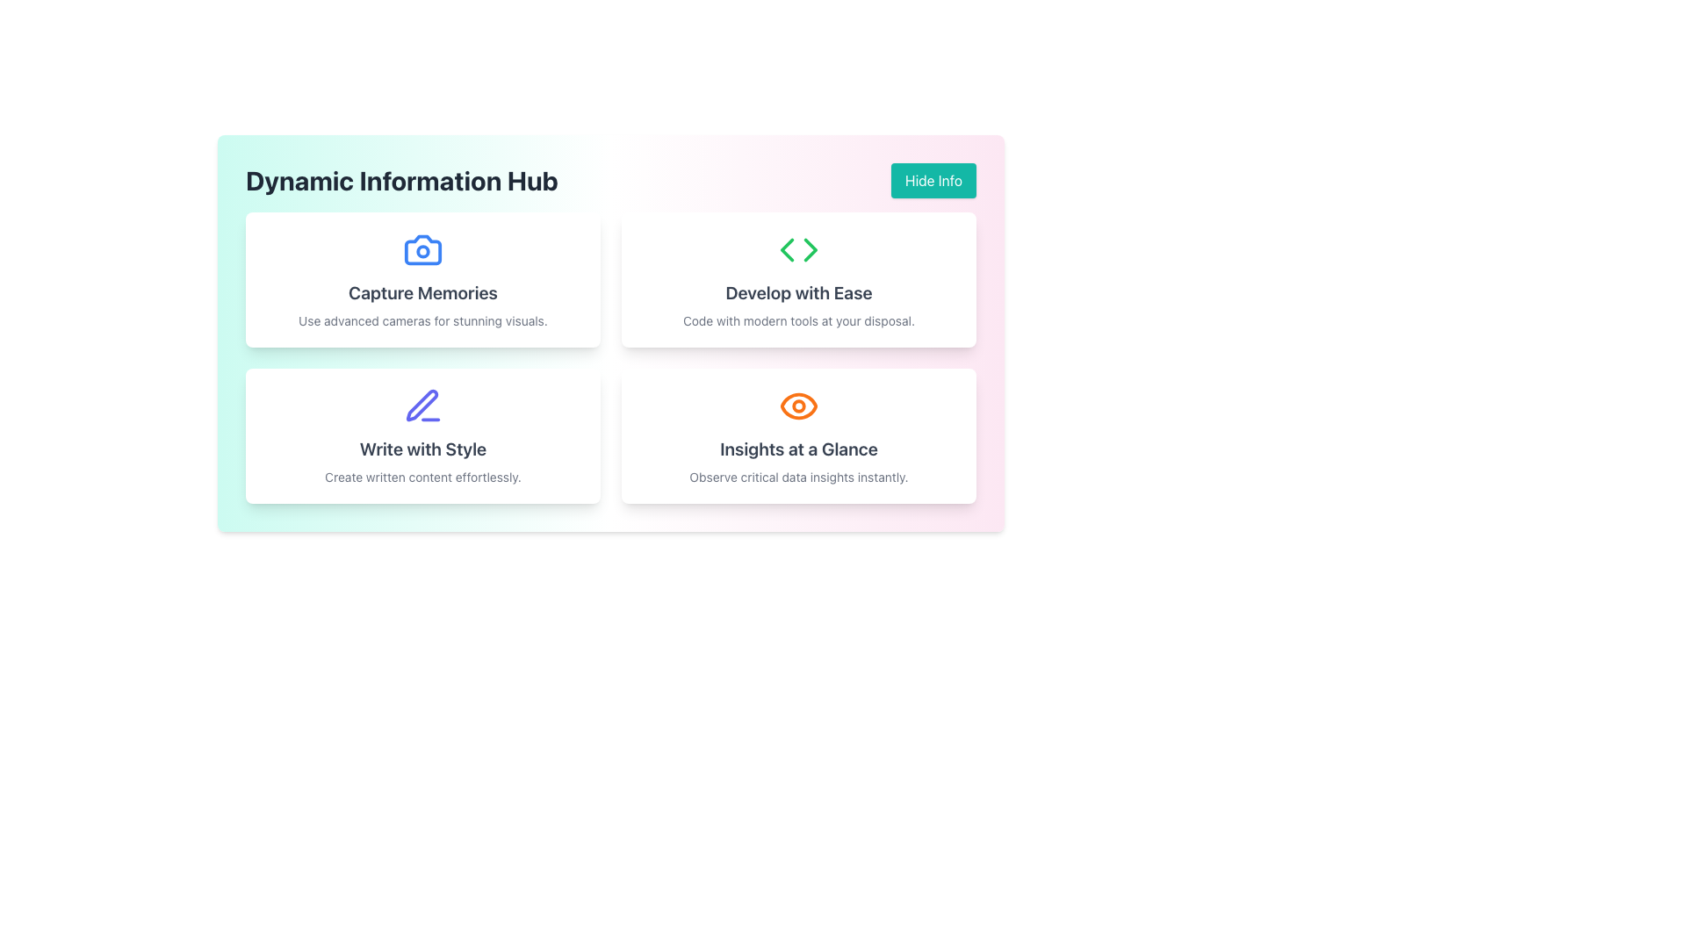 The width and height of the screenshot is (1686, 948). What do you see at coordinates (422, 250) in the screenshot?
I see `the circular dot located inside the camera icon, which has a blue outline and is positioned above the text 'Capture Memories' in the top-left quadrant of the interface` at bounding box center [422, 250].